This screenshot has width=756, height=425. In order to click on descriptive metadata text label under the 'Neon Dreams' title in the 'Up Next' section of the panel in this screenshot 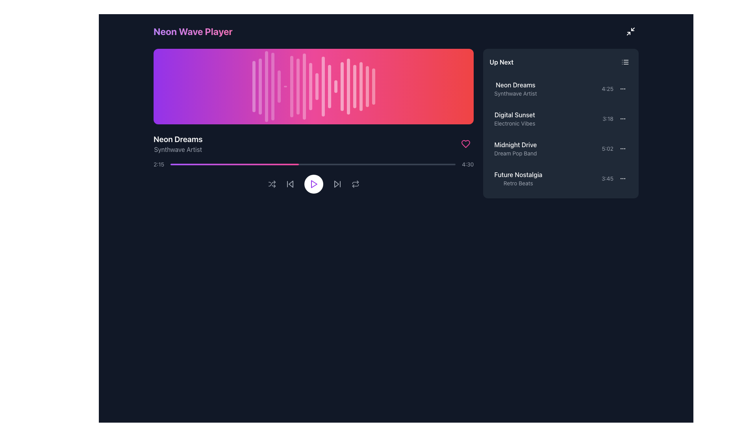, I will do `click(515, 93)`.